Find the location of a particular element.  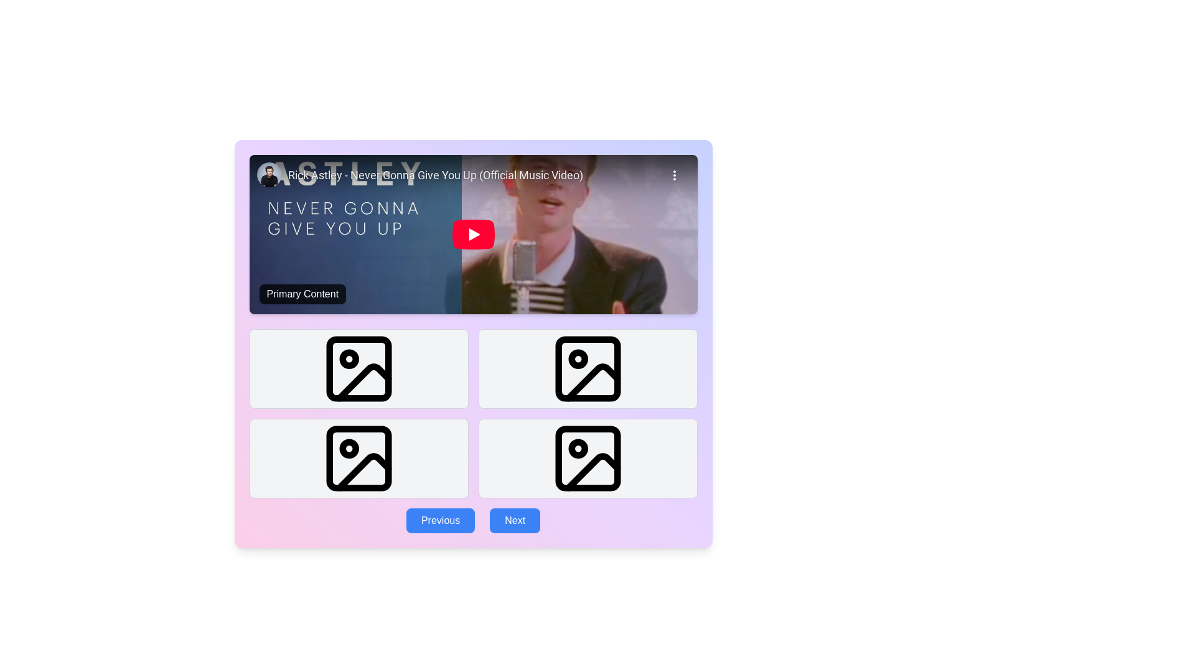

the button that navigates to the previous set of content is located at coordinates (441, 521).